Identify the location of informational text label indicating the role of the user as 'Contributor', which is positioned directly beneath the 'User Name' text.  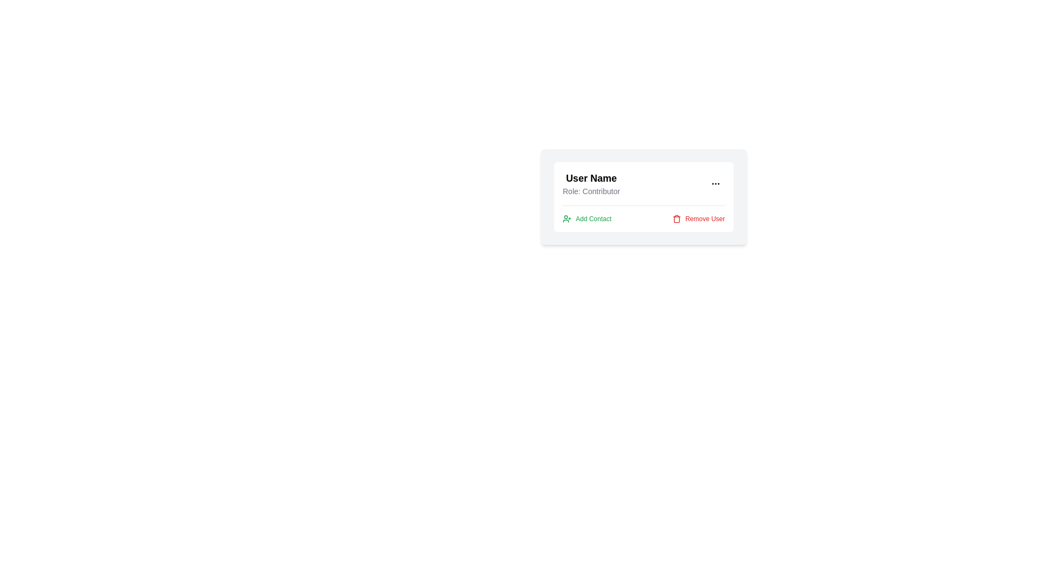
(590, 191).